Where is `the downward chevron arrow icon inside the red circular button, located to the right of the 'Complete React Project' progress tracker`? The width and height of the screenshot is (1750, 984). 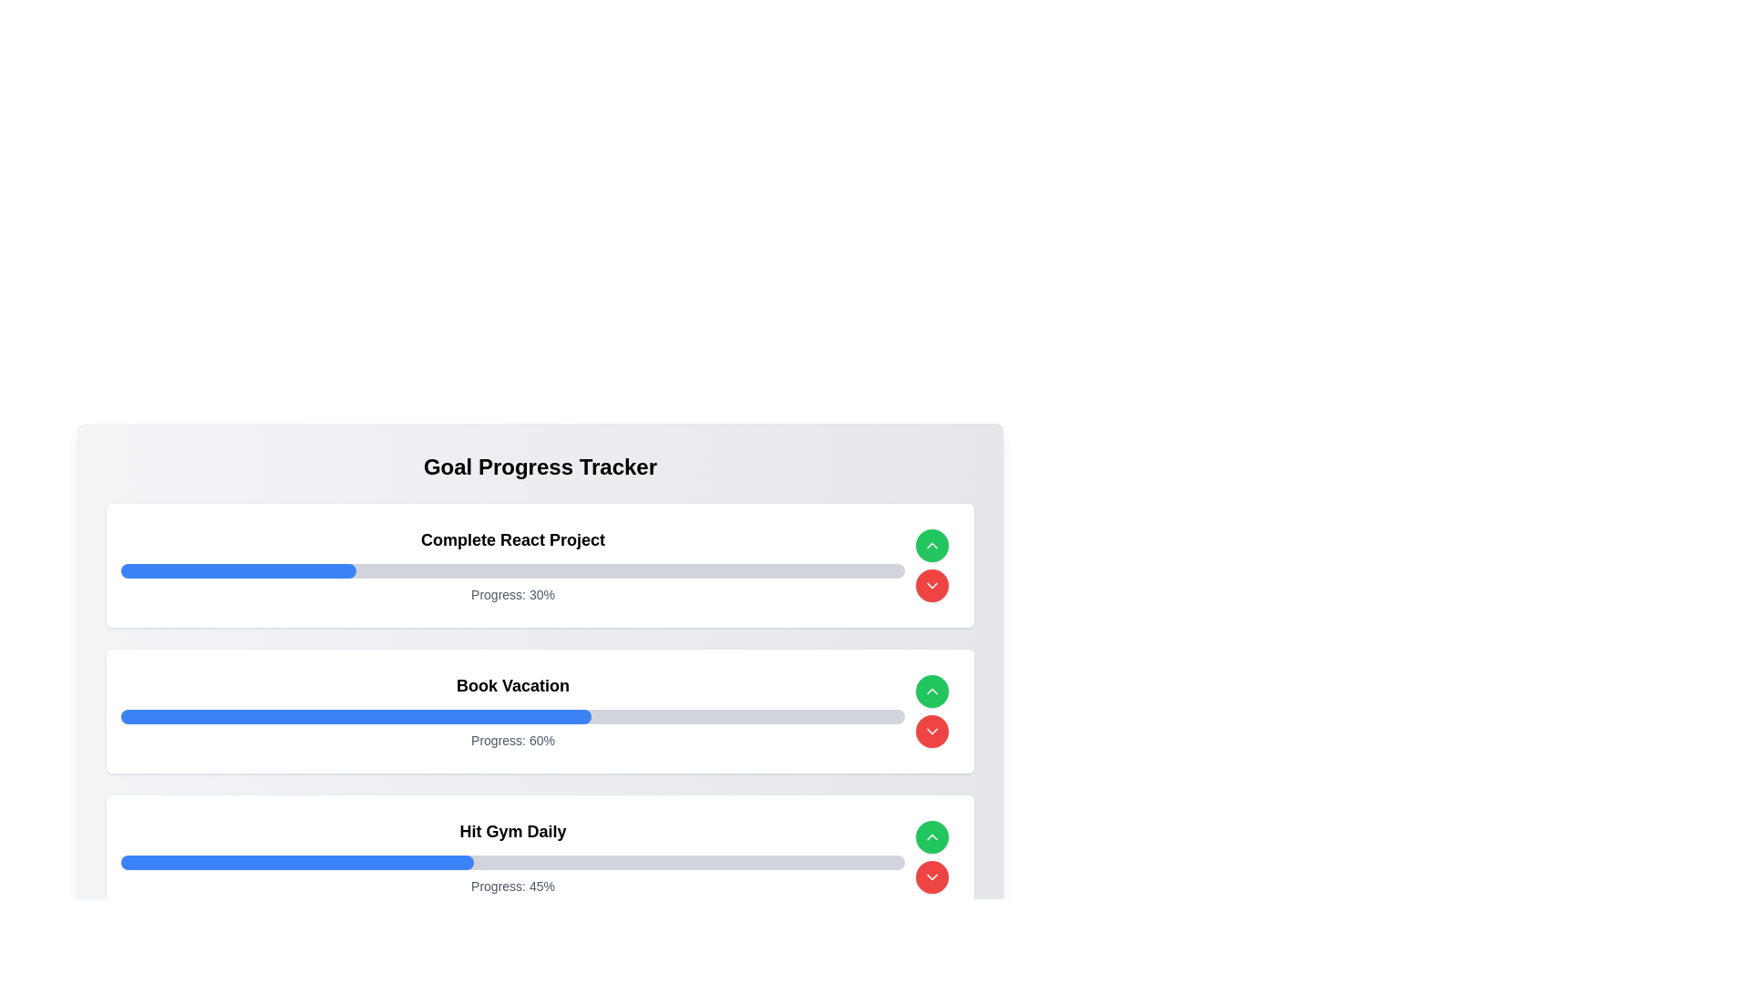
the downward chevron arrow icon inside the red circular button, located to the right of the 'Complete React Project' progress tracker is located at coordinates (932, 876).